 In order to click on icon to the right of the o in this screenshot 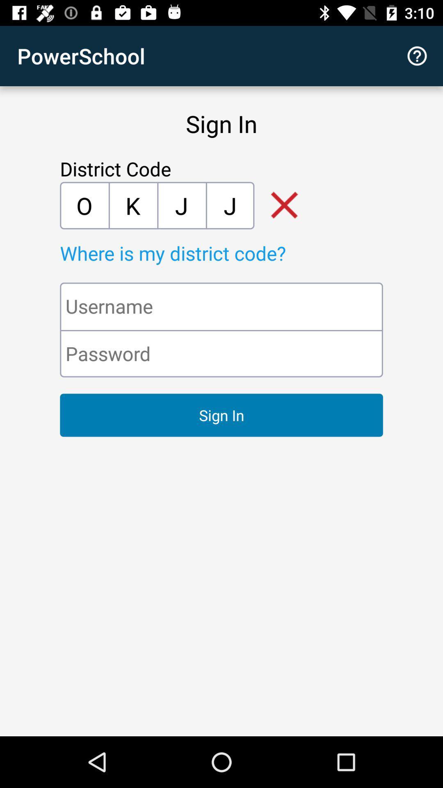, I will do `click(132, 205)`.